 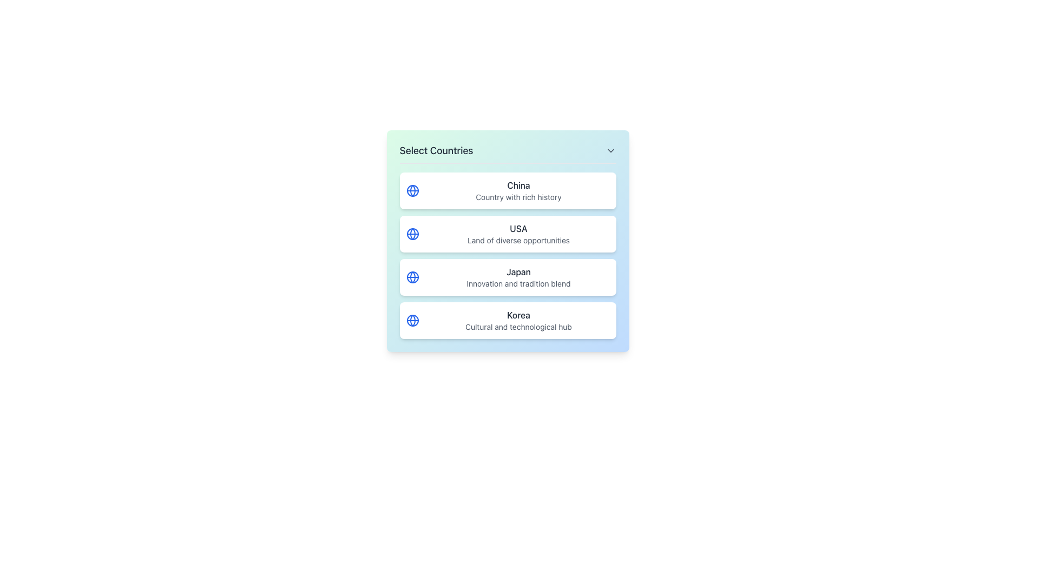 What do you see at coordinates (518, 283) in the screenshot?
I see `text snippet 'Innovation and tradition blend' displayed in grey, located below the bold title 'Japan' inside the card labeled 'Japan'` at bounding box center [518, 283].